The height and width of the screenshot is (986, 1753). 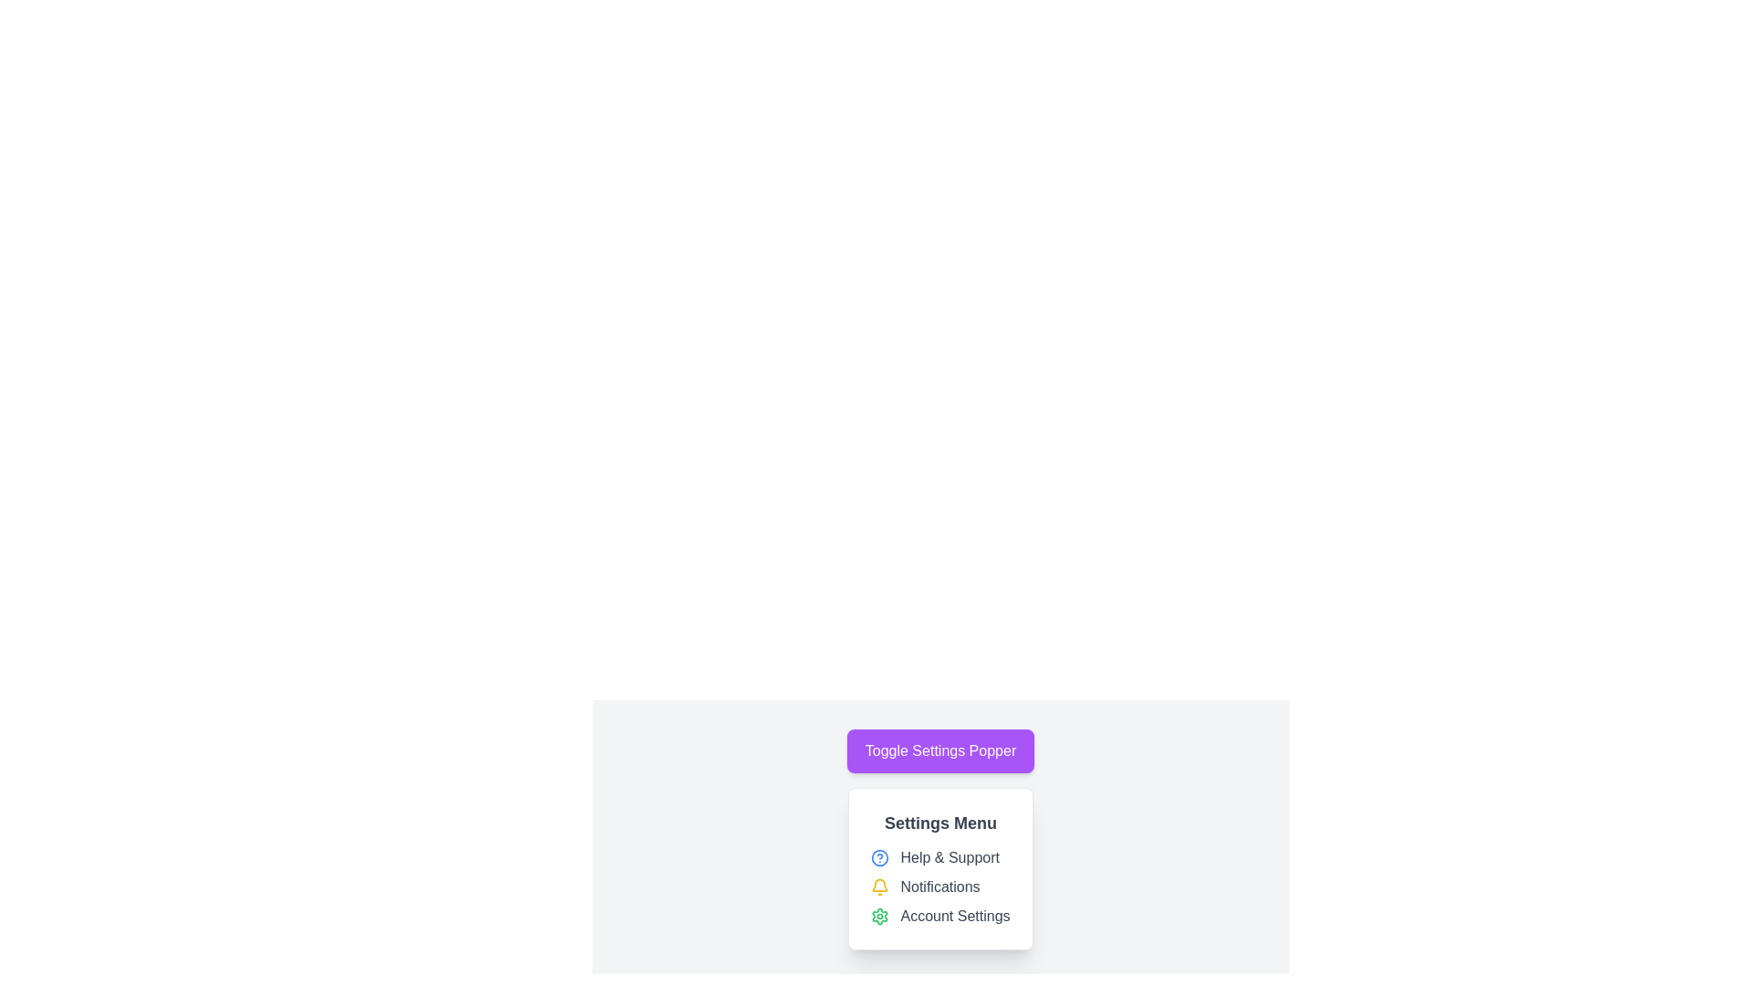 What do you see at coordinates (950, 858) in the screenshot?
I see `the 'Help & Support' label, which is a non-interactive text styled in gray (#707070) and located in the settings menu card below the 'Toggle Settings Popper' button` at bounding box center [950, 858].